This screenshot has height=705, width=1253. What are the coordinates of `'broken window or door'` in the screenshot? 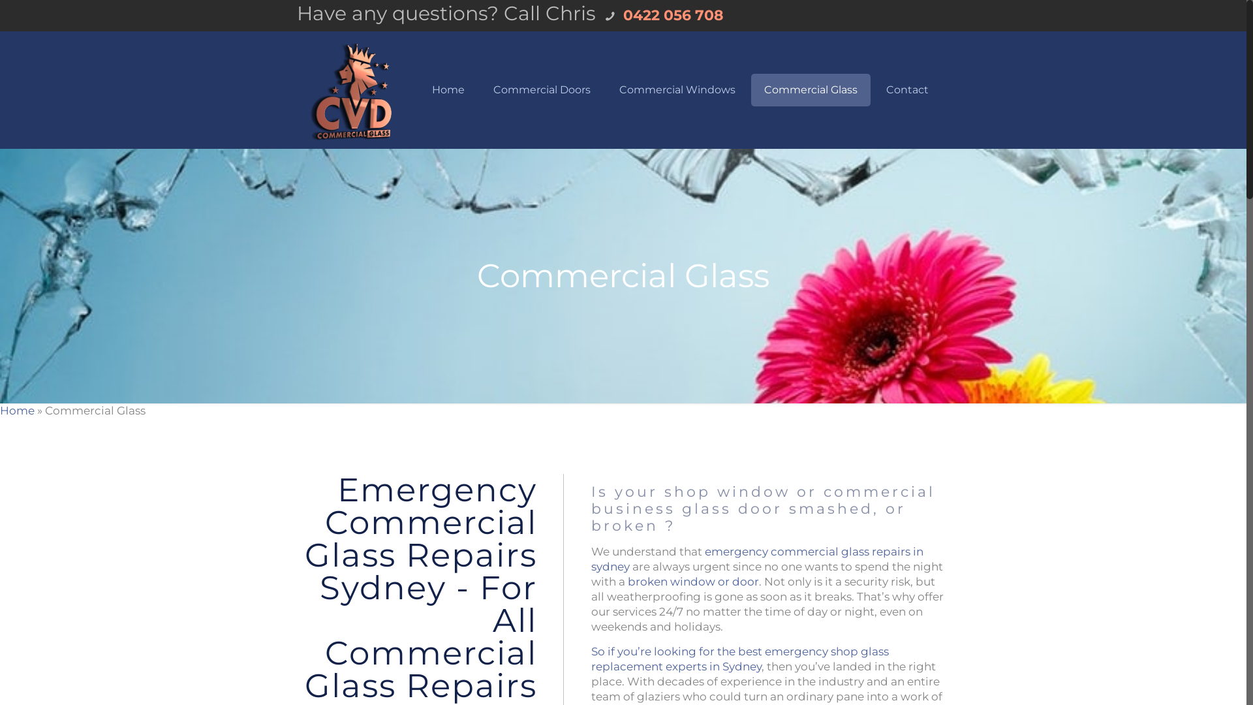 It's located at (692, 581).